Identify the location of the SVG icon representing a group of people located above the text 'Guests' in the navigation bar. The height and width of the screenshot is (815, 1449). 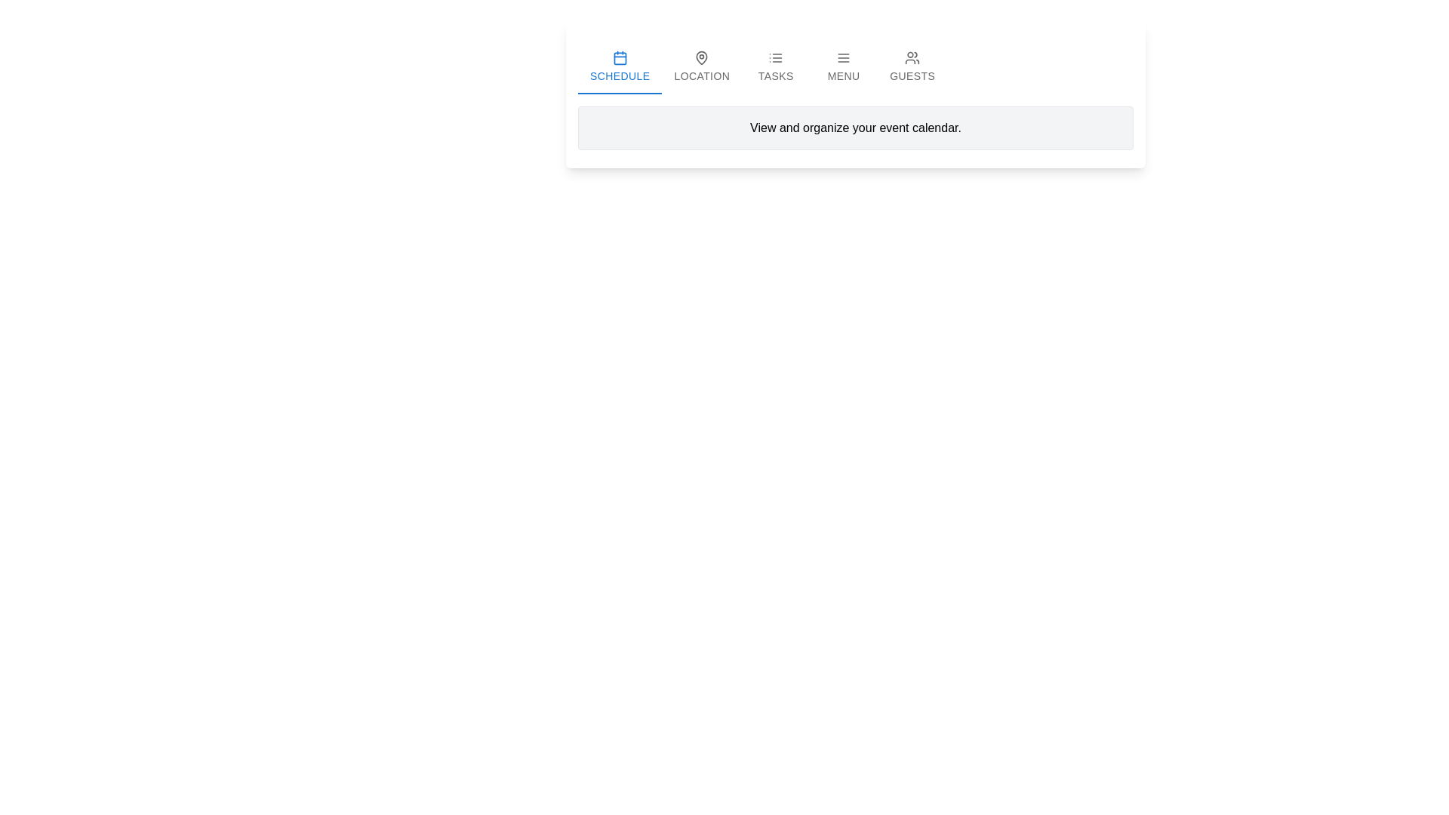
(912, 57).